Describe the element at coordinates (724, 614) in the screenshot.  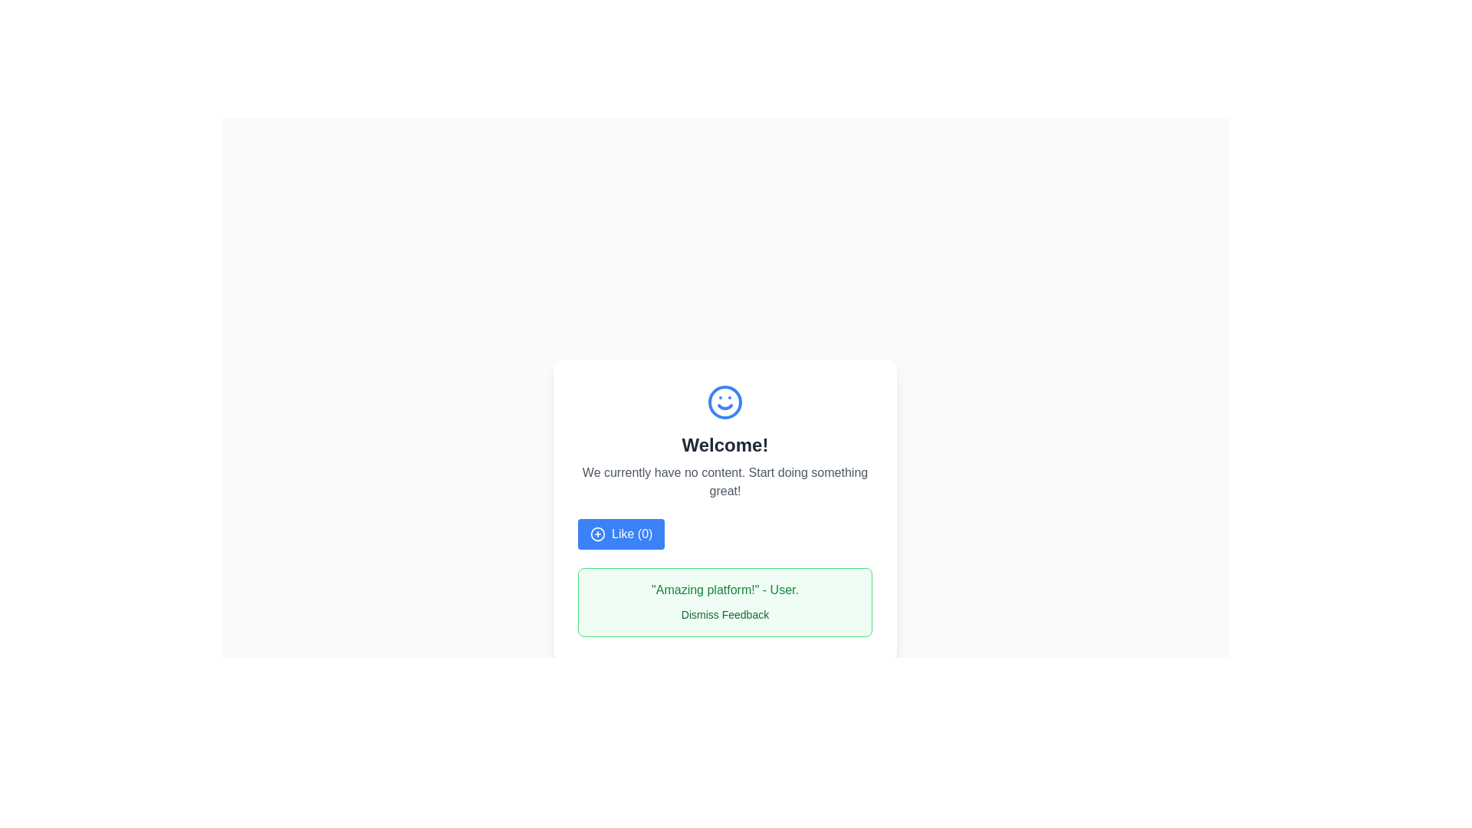
I see `the dismiss button located directly below the quote text of the feedback message` at that location.